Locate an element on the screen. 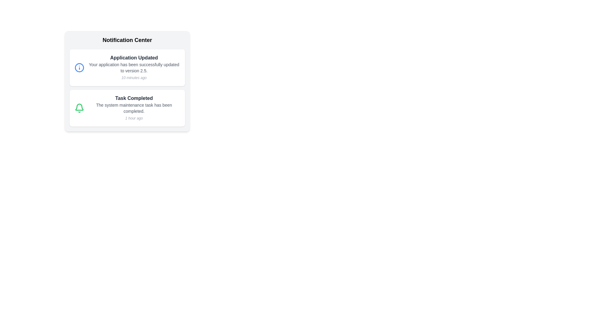 The image size is (589, 331). the text content element that provides additional information related to the 'Application Updated' notification, positioned between the bold title and the italicized timestamp is located at coordinates (133, 67).